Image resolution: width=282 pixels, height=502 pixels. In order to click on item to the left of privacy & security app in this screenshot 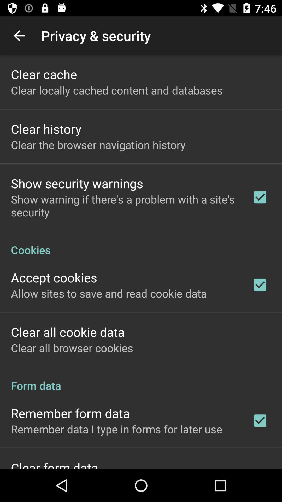, I will do `click(19, 35)`.